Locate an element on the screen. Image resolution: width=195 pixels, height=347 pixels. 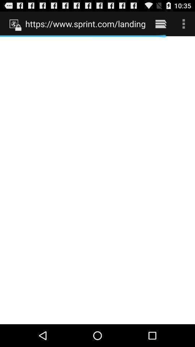
the icon to the right of https www sprint is located at coordinates (161, 23).